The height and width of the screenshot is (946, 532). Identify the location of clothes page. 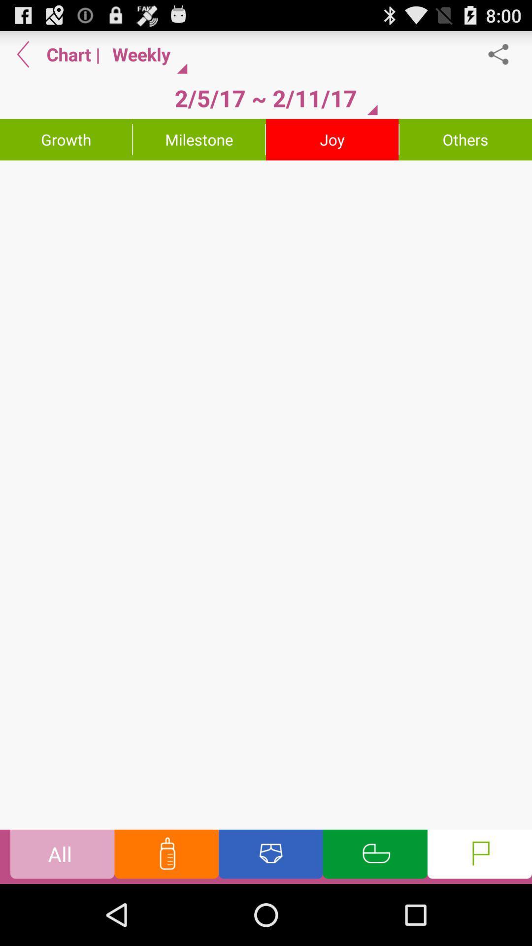
(270, 856).